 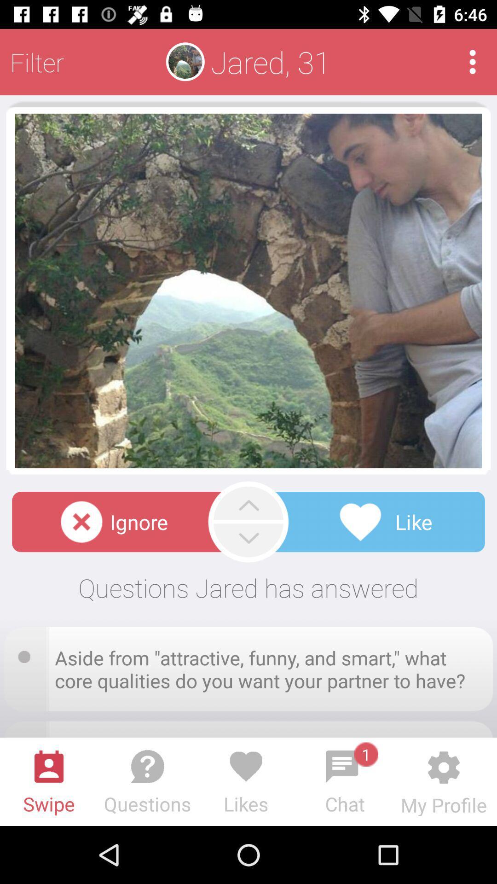 I want to click on tap the more option, so click(x=473, y=61).